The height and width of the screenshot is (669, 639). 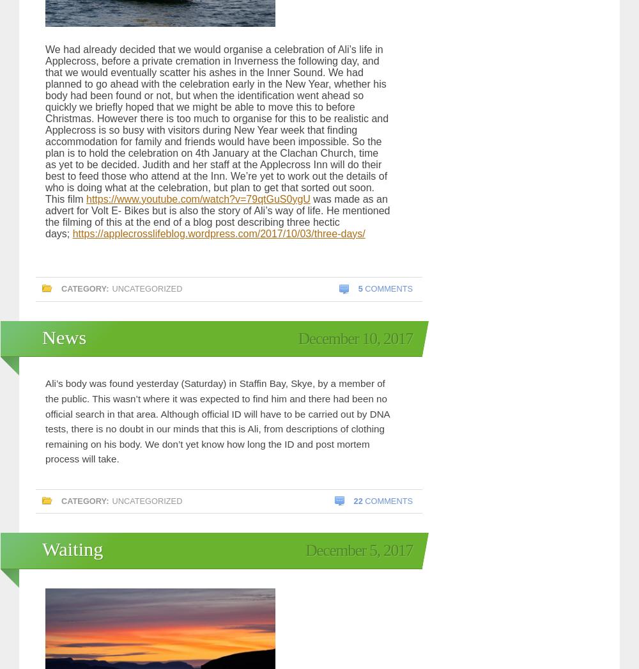 What do you see at coordinates (217, 215) in the screenshot?
I see `'was made as an advert for Volt E- Bikes but is also the story of Ali’s way of life. He mentioned the filming of this at the end of a blog post describing three hectic days;'` at bounding box center [217, 215].